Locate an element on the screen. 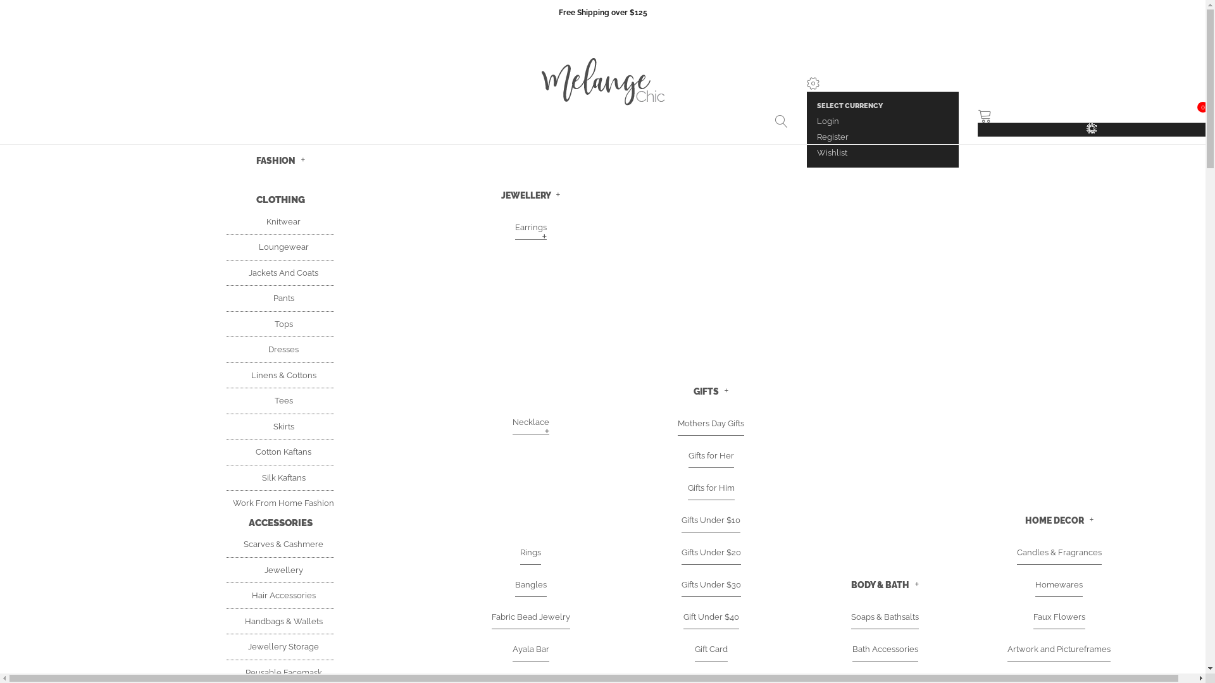 This screenshot has height=683, width=1215. 'Necklace' is located at coordinates (531, 422).